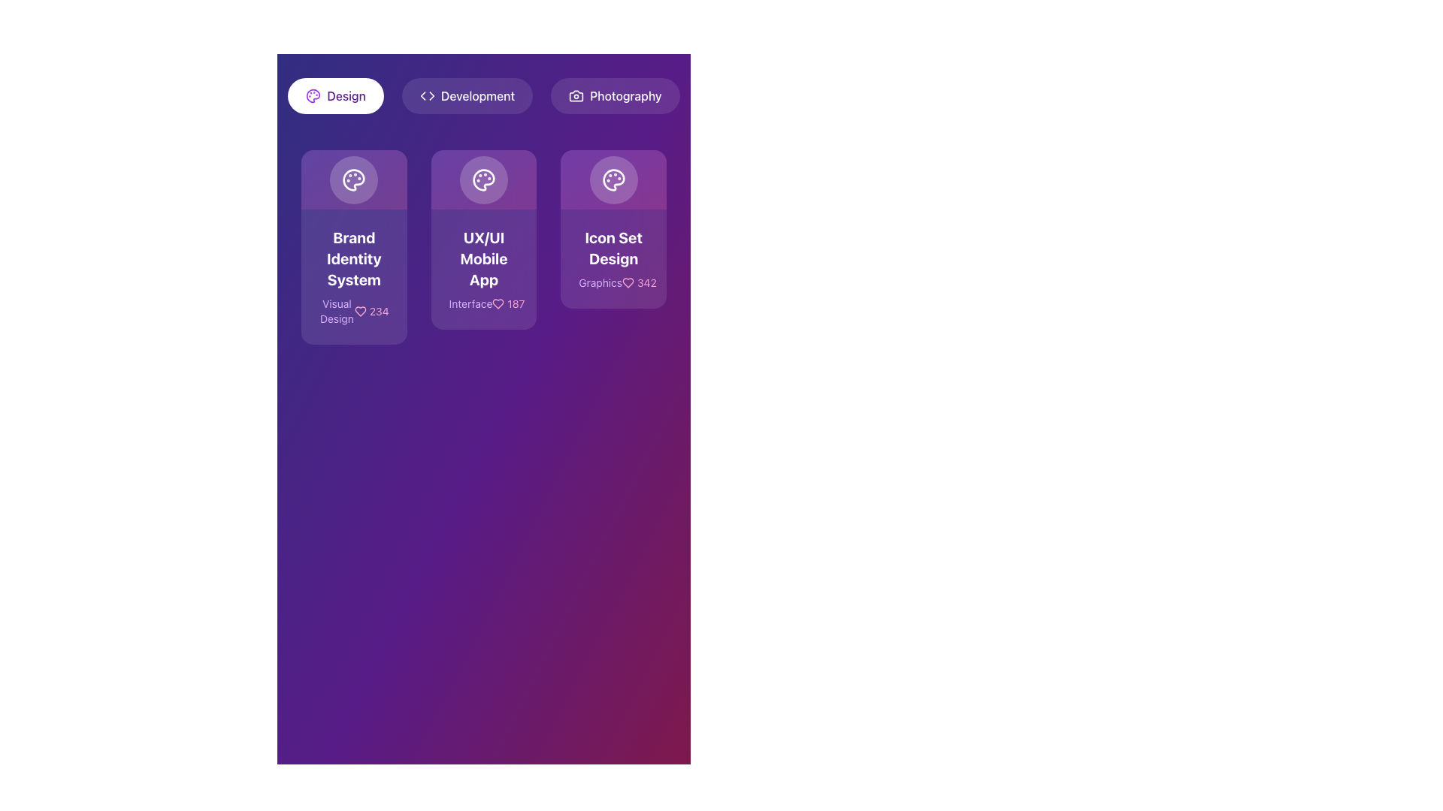  Describe the element at coordinates (625, 95) in the screenshot. I see `the 'Photography' category label located in the rightmost position of the navigation bar` at that location.